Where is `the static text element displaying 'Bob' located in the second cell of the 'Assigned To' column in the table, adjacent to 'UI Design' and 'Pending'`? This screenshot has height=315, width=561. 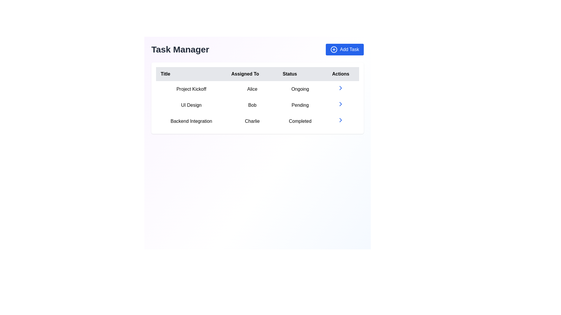
the static text element displaying 'Bob' located in the second cell of the 'Assigned To' column in the table, adjacent to 'UI Design' and 'Pending' is located at coordinates (252, 105).